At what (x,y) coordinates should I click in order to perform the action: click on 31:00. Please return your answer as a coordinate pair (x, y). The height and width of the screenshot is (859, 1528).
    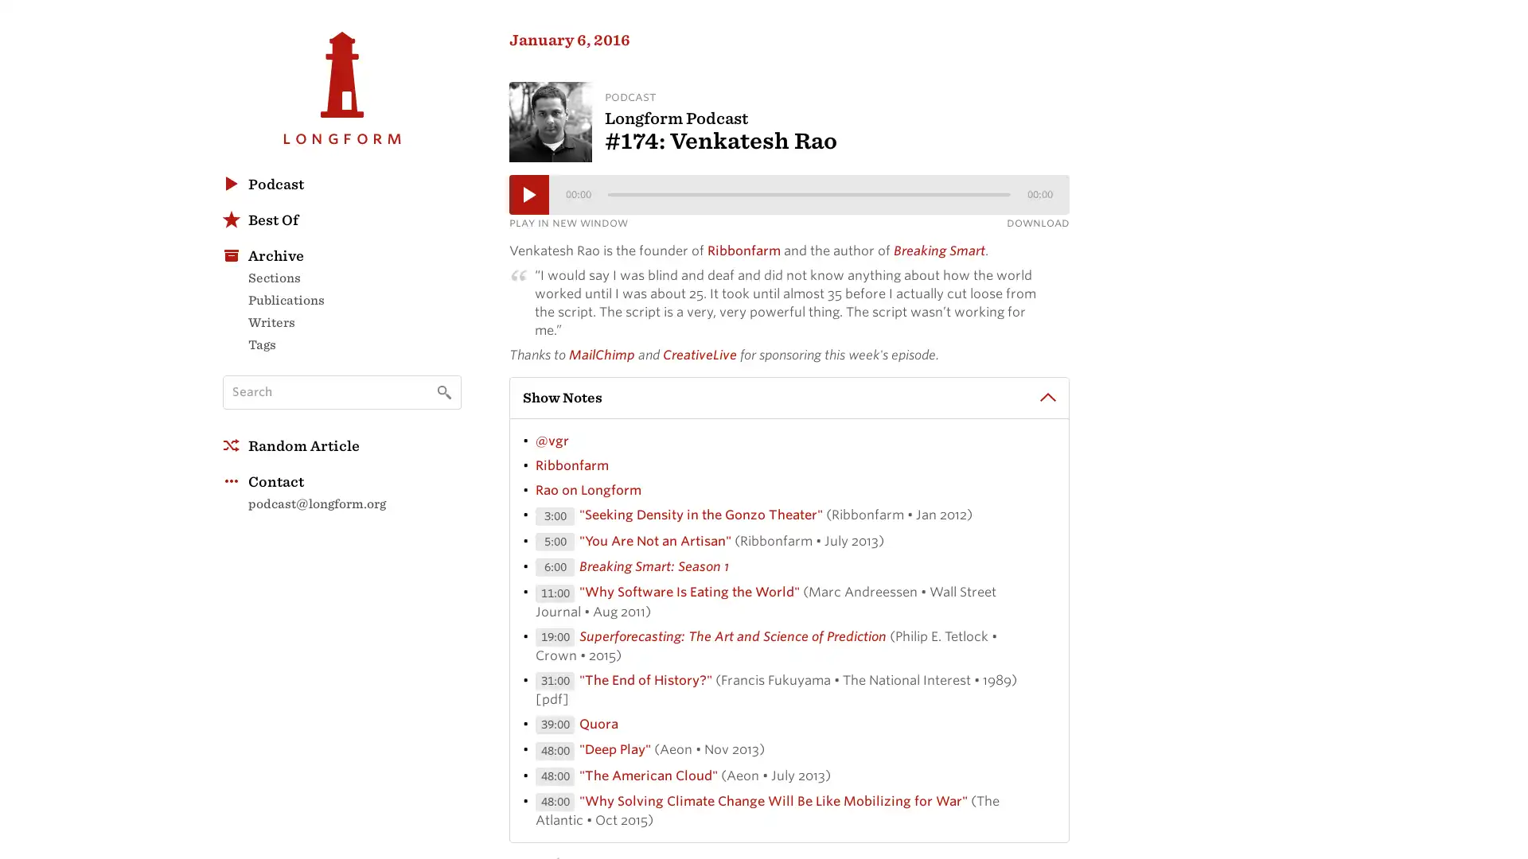
    Looking at the image, I should click on (555, 682).